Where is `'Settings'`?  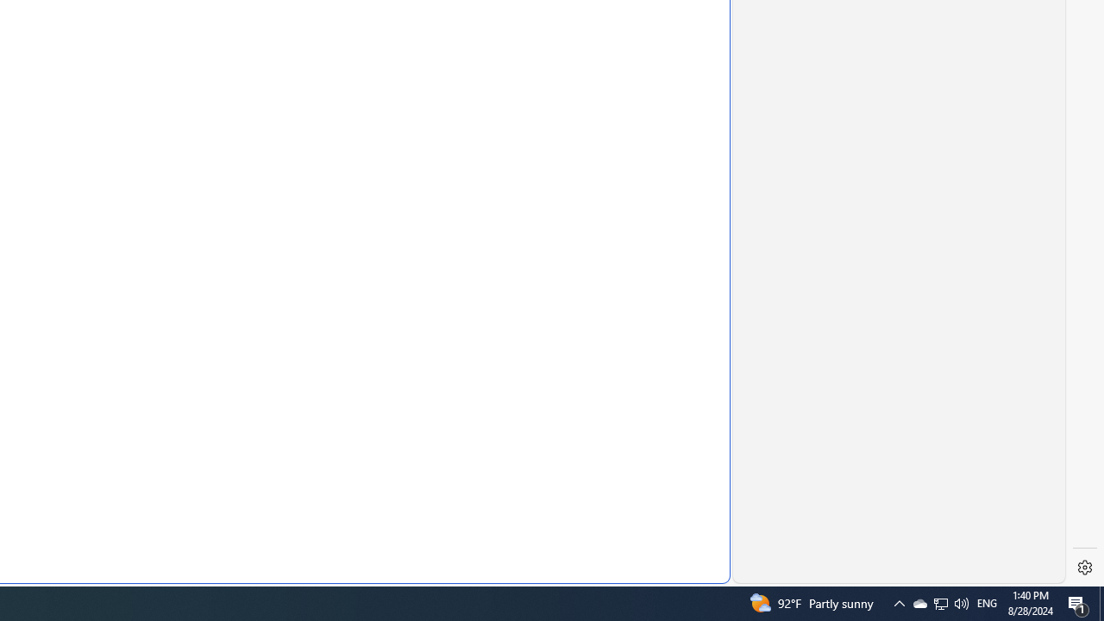 'Settings' is located at coordinates (1084, 568).